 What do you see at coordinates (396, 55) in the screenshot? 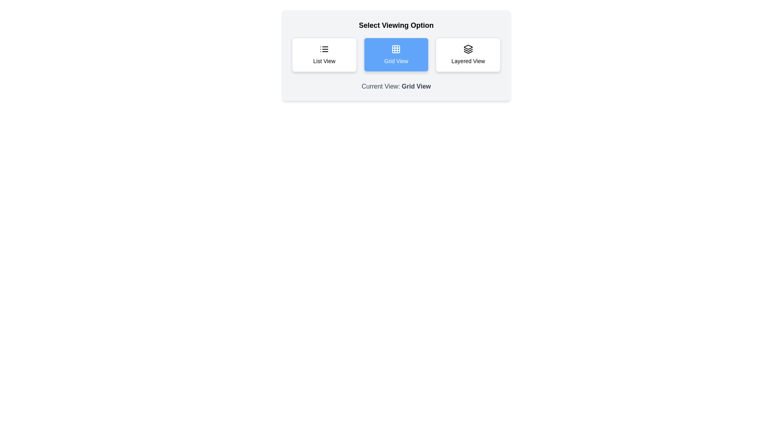
I see `the 'Grid View' button located in the 'Select Viewing Option' group` at bounding box center [396, 55].